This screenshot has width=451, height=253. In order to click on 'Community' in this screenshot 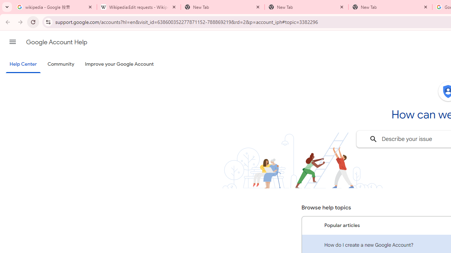, I will do `click(61, 64)`.